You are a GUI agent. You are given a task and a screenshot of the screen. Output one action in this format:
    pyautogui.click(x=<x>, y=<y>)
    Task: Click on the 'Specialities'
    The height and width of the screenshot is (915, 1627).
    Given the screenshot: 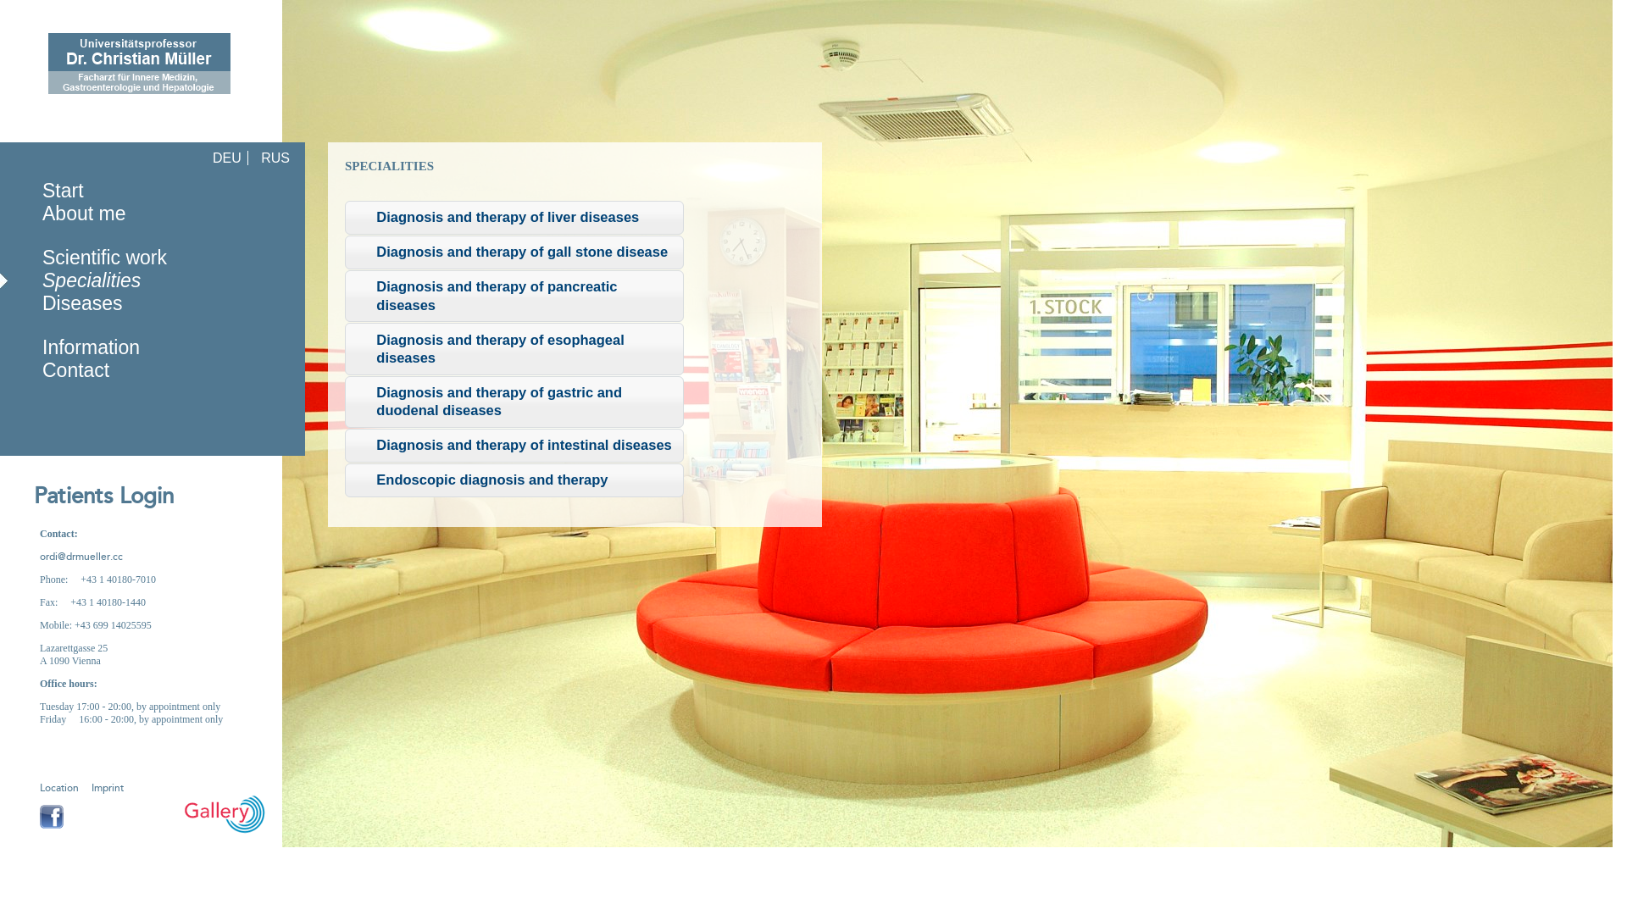 What is the action you would take?
    pyautogui.click(x=91, y=280)
    